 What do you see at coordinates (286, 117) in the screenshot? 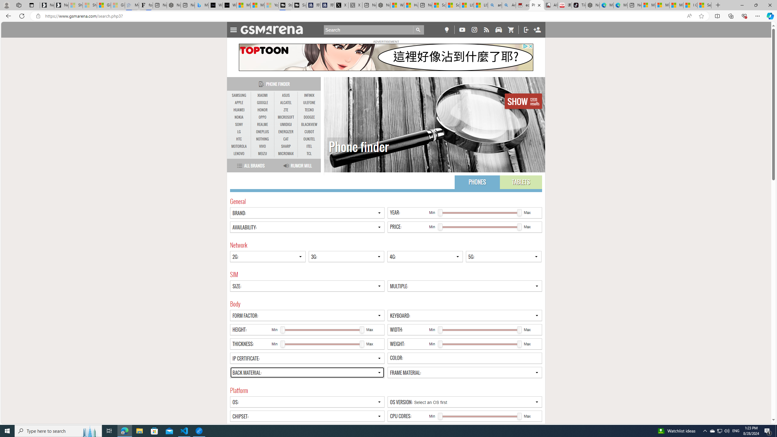
I see `'MICROSOFT'` at bounding box center [286, 117].